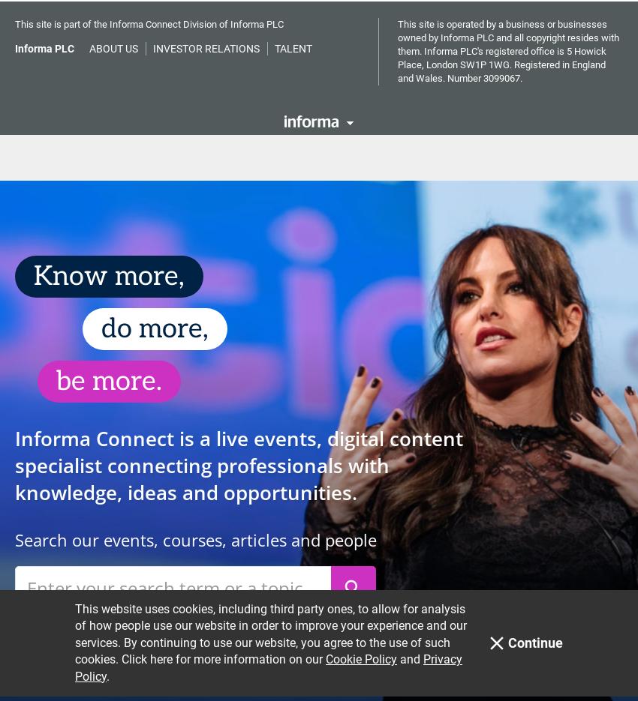  Describe the element at coordinates (496, 52) in the screenshot. I see `'close'` at that location.